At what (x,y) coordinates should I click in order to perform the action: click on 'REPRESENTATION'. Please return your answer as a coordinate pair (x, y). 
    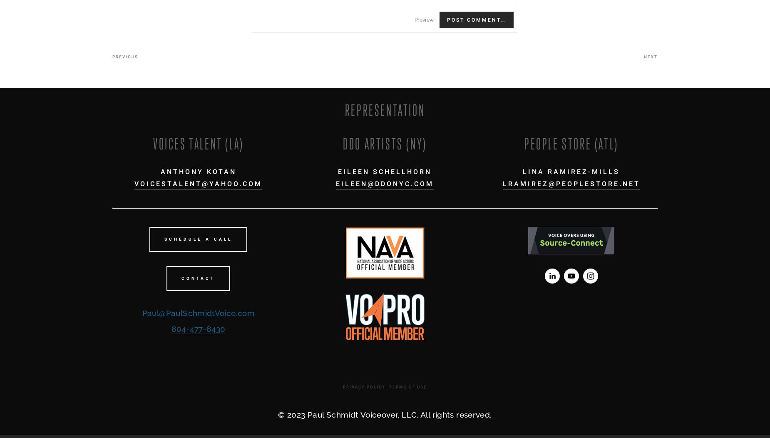
    Looking at the image, I should click on (385, 110).